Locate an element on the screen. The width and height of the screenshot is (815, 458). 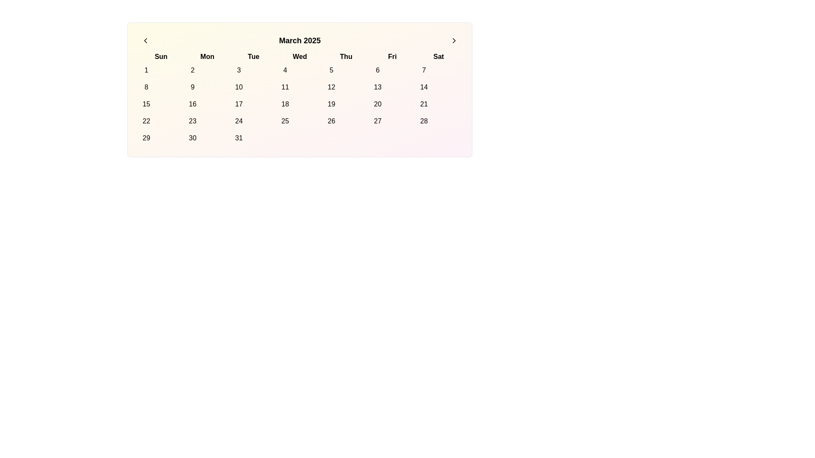
the left-facing chevron arrow icon located in the header section of the calendar interface is located at coordinates (145, 41).